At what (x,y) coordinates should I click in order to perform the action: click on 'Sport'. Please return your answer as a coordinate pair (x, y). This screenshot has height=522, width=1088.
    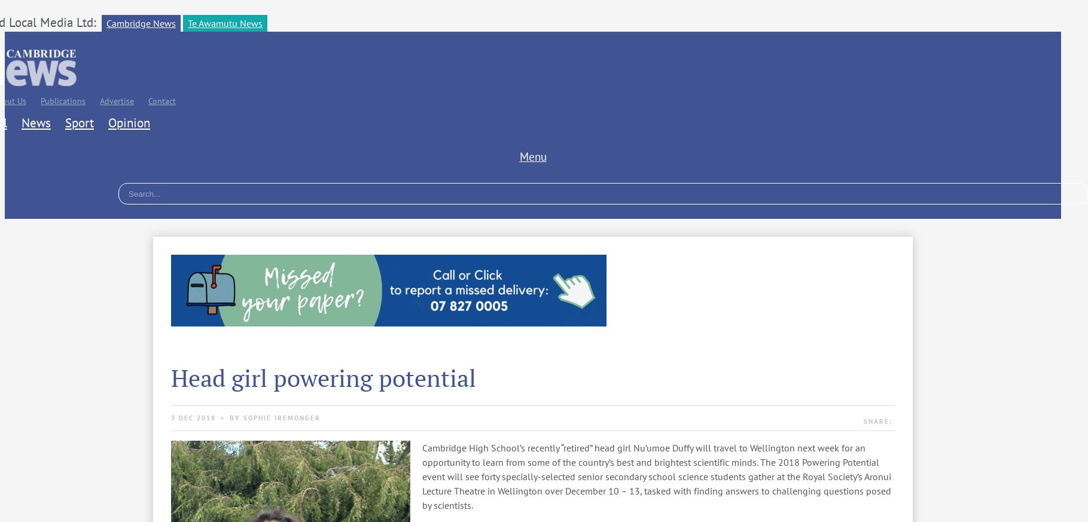
    Looking at the image, I should click on (79, 122).